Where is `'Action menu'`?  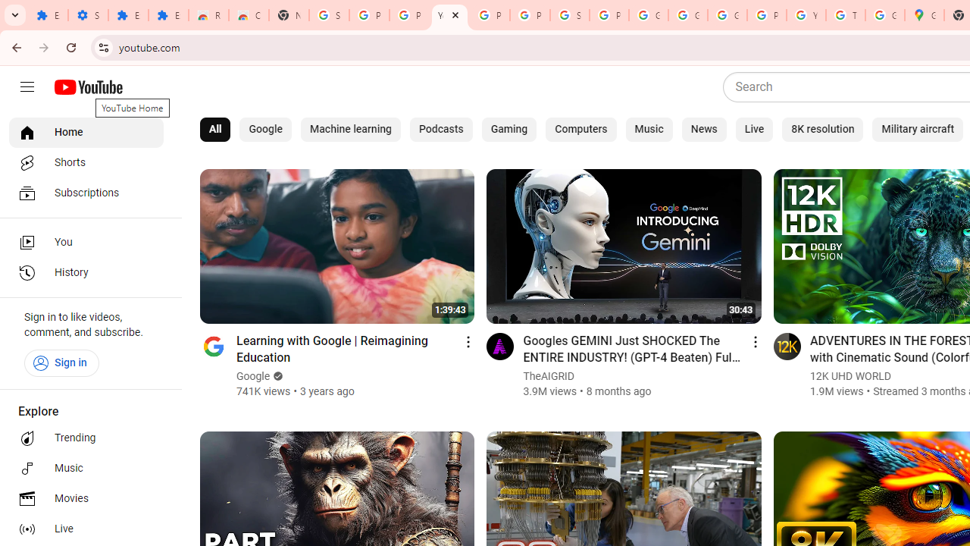 'Action menu' is located at coordinates (755, 341).